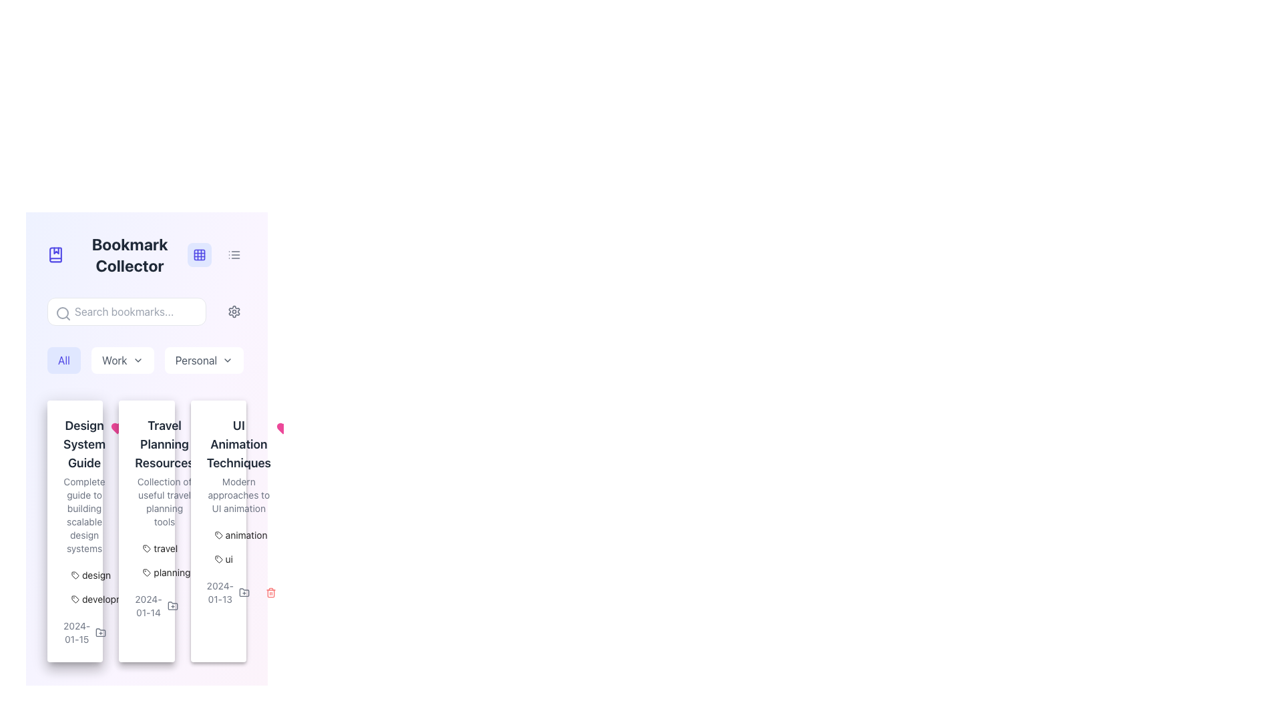 This screenshot has height=721, width=1282. I want to click on the 'Personal' Dropdown button that filters or sorts content related to the 'Personal' category, so click(203, 360).